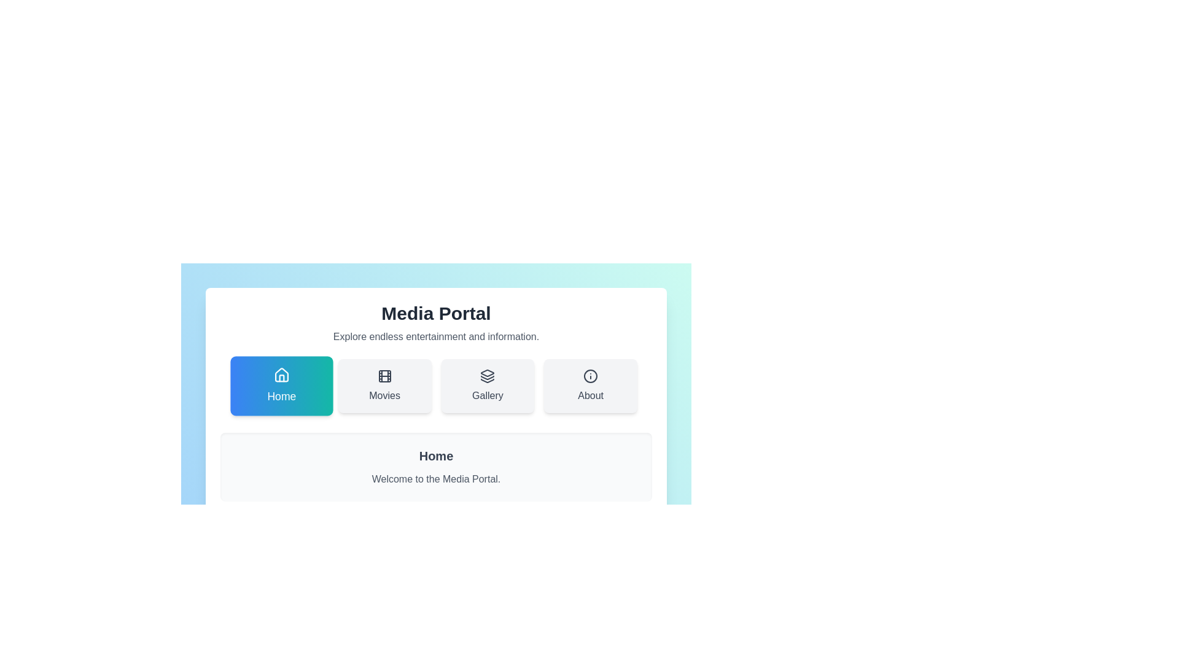  Describe the element at coordinates (384, 376) in the screenshot. I see `the SVG rectangle element that represents the 'Movies' button, which is part of an icon resembling a film strip` at that location.